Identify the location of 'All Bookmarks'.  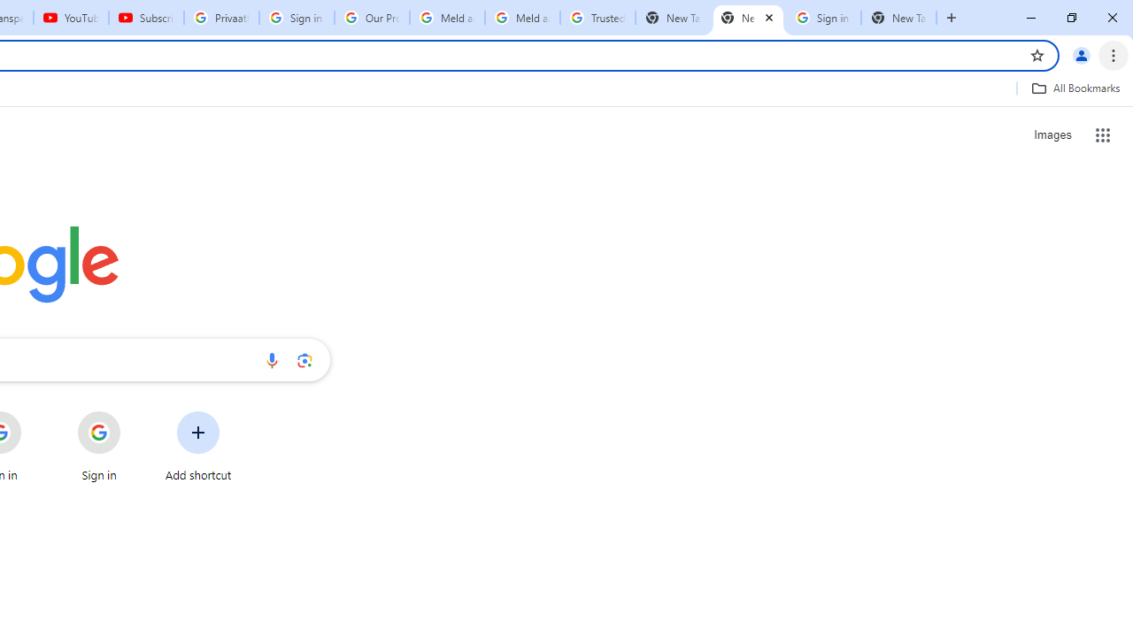
(1075, 88).